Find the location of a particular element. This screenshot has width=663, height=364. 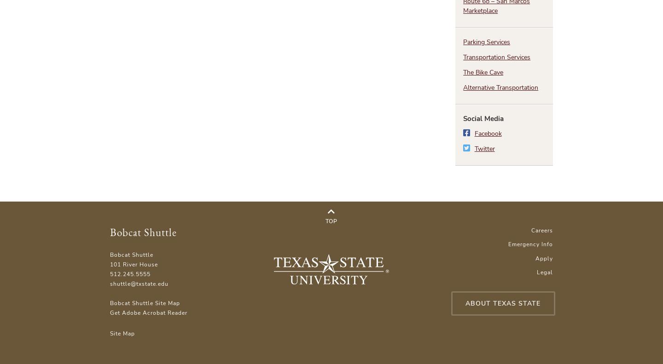

'shuttle@txstate.edu' is located at coordinates (139, 283).